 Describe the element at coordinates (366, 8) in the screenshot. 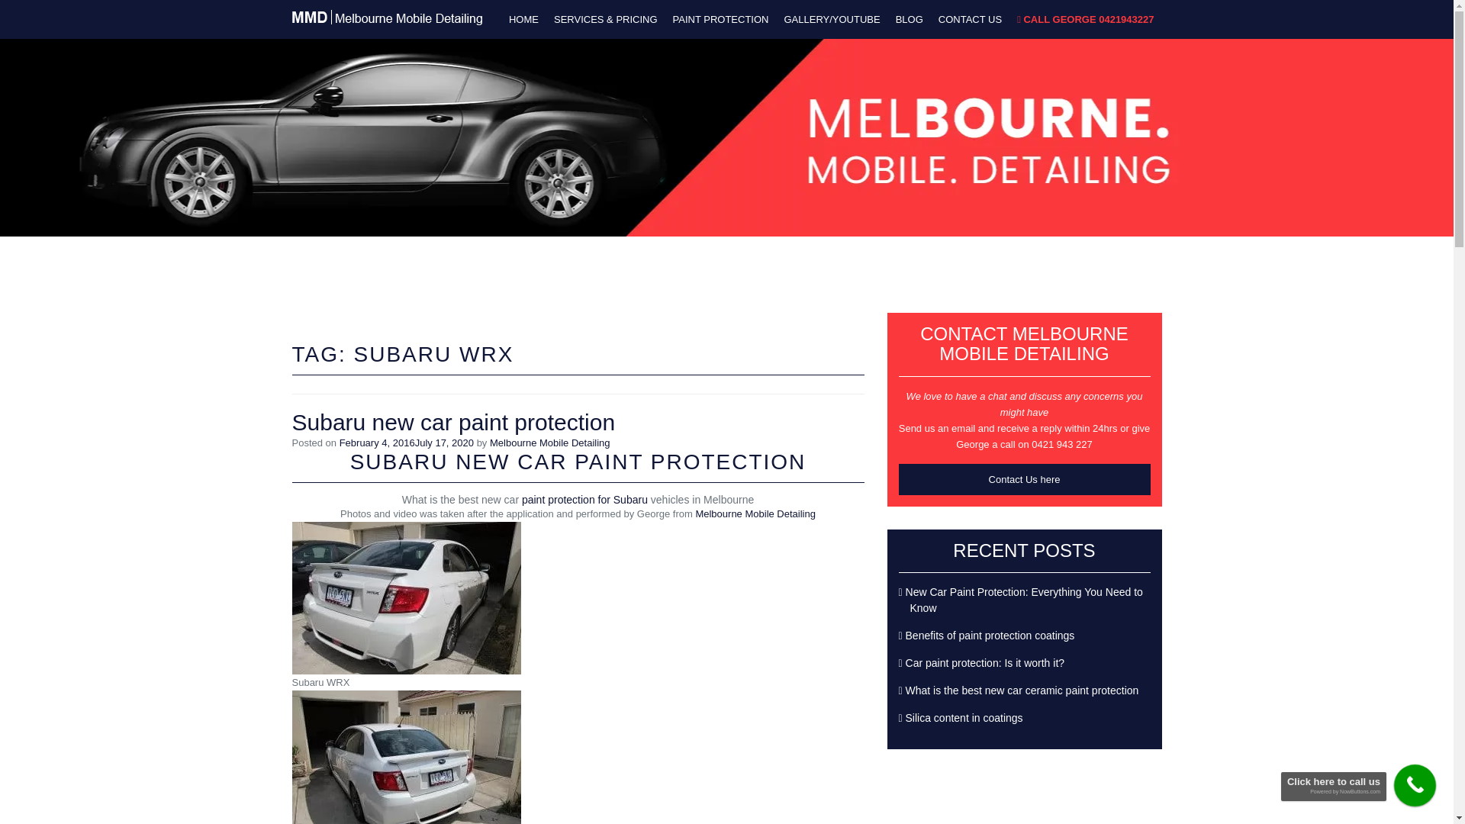

I see `'Best paint protection in Melbourne'` at that location.